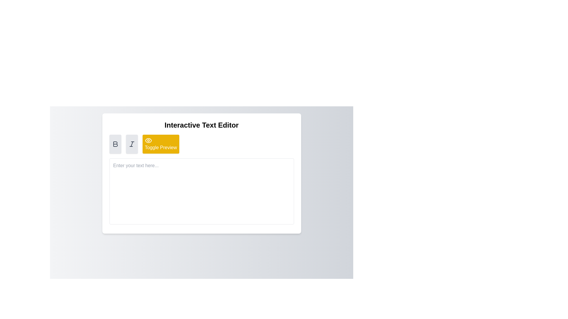 The width and height of the screenshot is (568, 319). I want to click on the third button in the top section of the 'Interactive Text Editor', so click(161, 144).